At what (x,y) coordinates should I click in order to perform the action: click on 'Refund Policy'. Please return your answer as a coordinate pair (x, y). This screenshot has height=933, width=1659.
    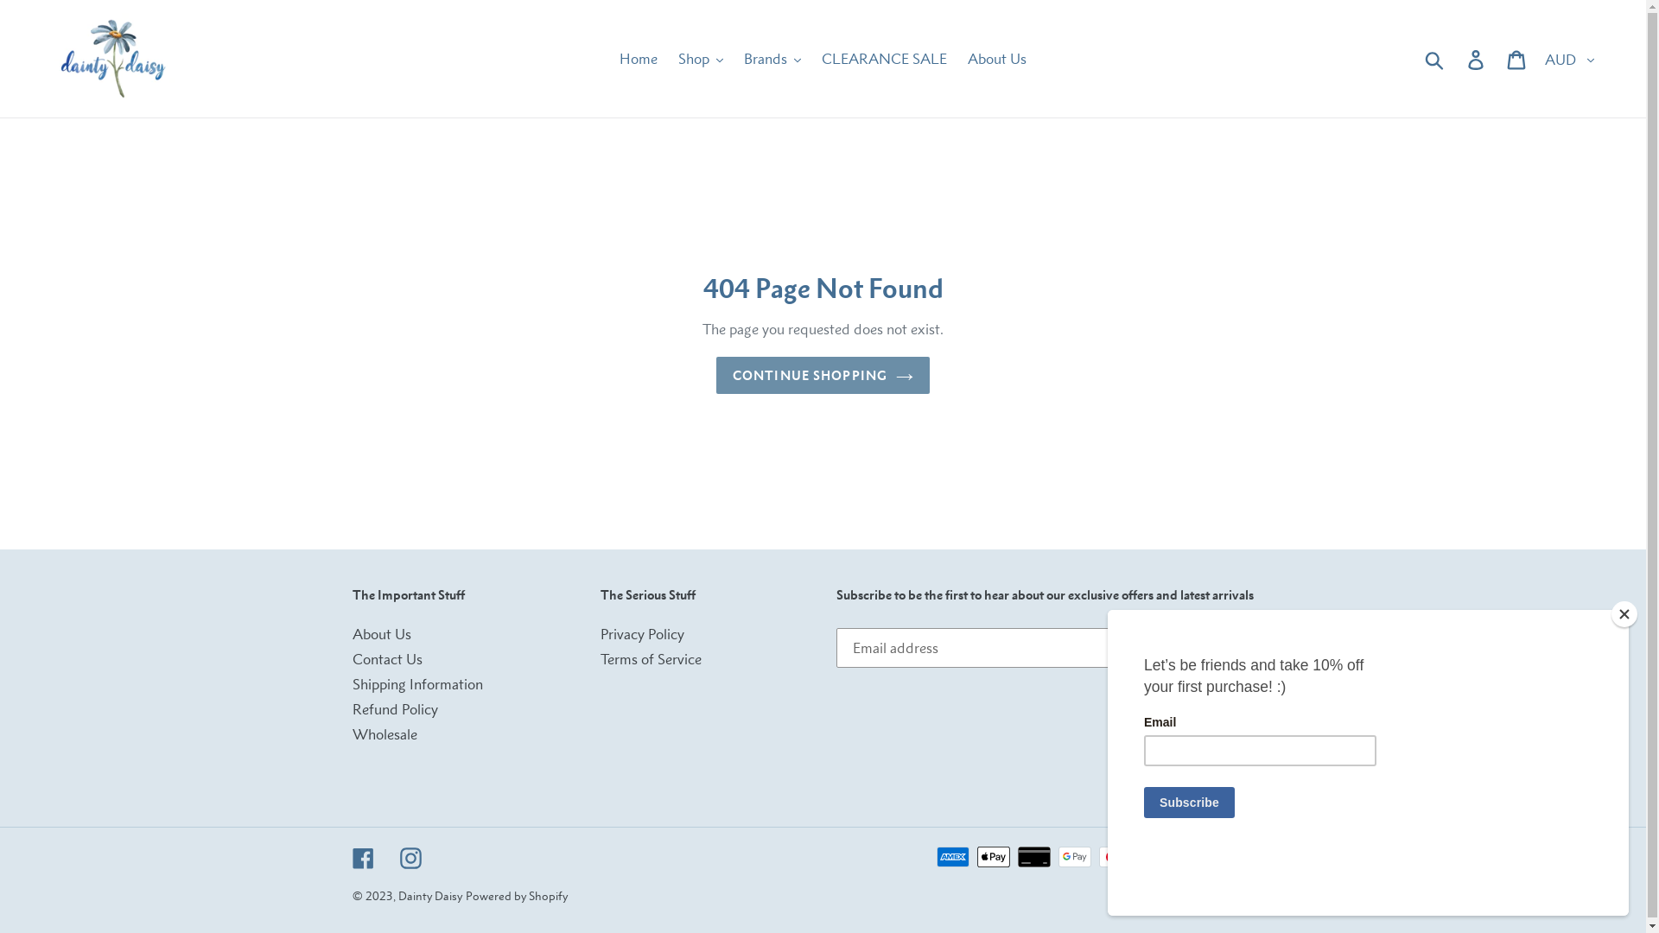
    Looking at the image, I should click on (394, 709).